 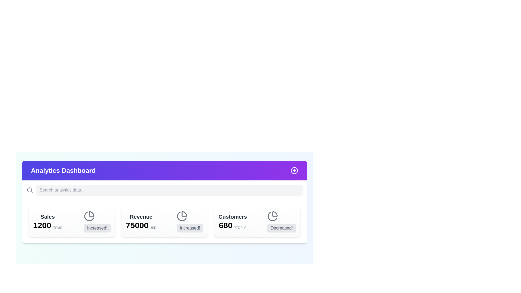 What do you see at coordinates (141, 216) in the screenshot?
I see `the Text label that serves as a title for the revenue metric, positioned within a card on the dashboard layout` at bounding box center [141, 216].